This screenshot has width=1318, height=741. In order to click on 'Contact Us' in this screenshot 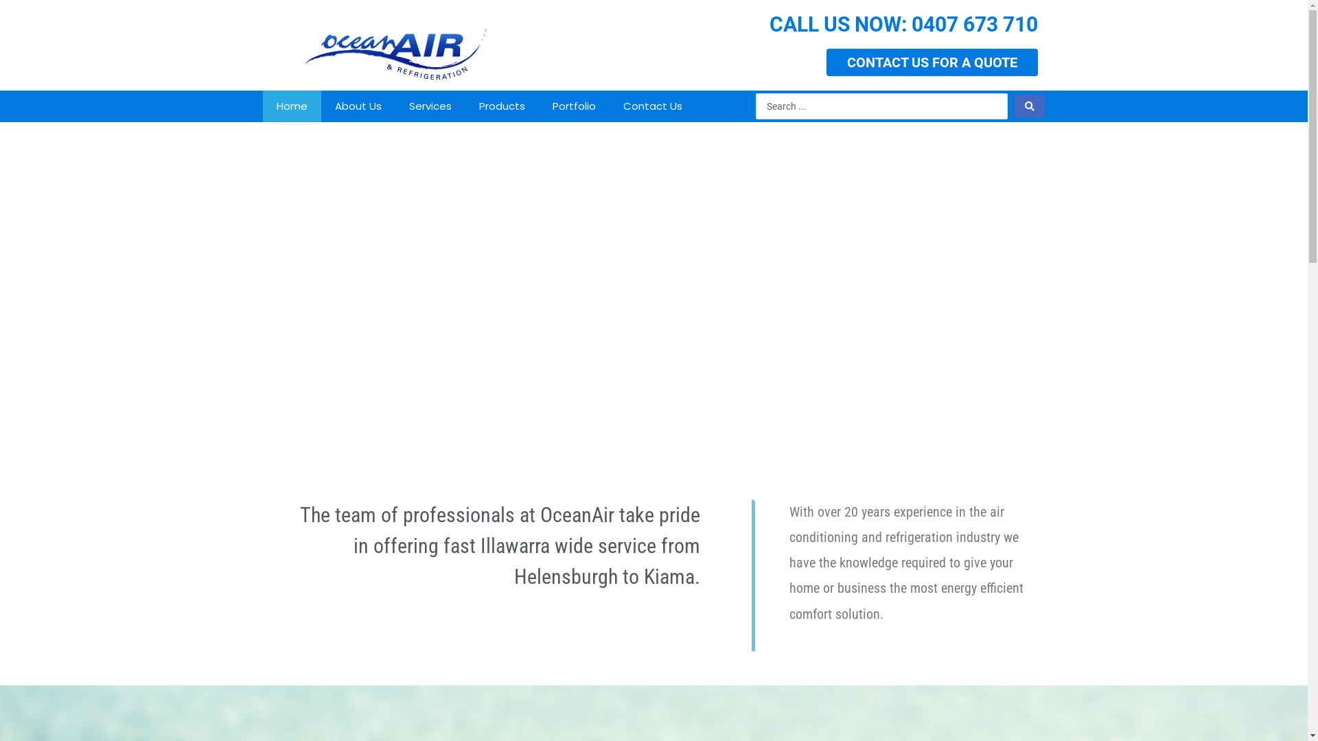, I will do `click(651, 105)`.